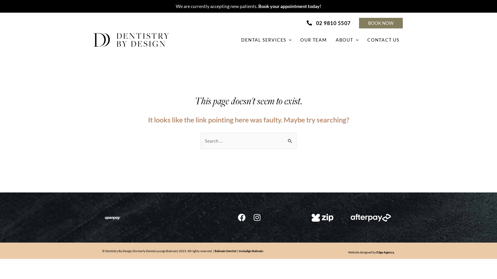  I want to click on 'Balmain Dentist', so click(215, 251).